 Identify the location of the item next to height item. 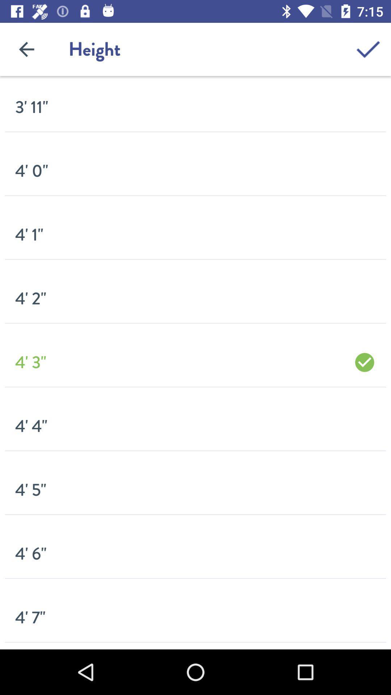
(26, 49).